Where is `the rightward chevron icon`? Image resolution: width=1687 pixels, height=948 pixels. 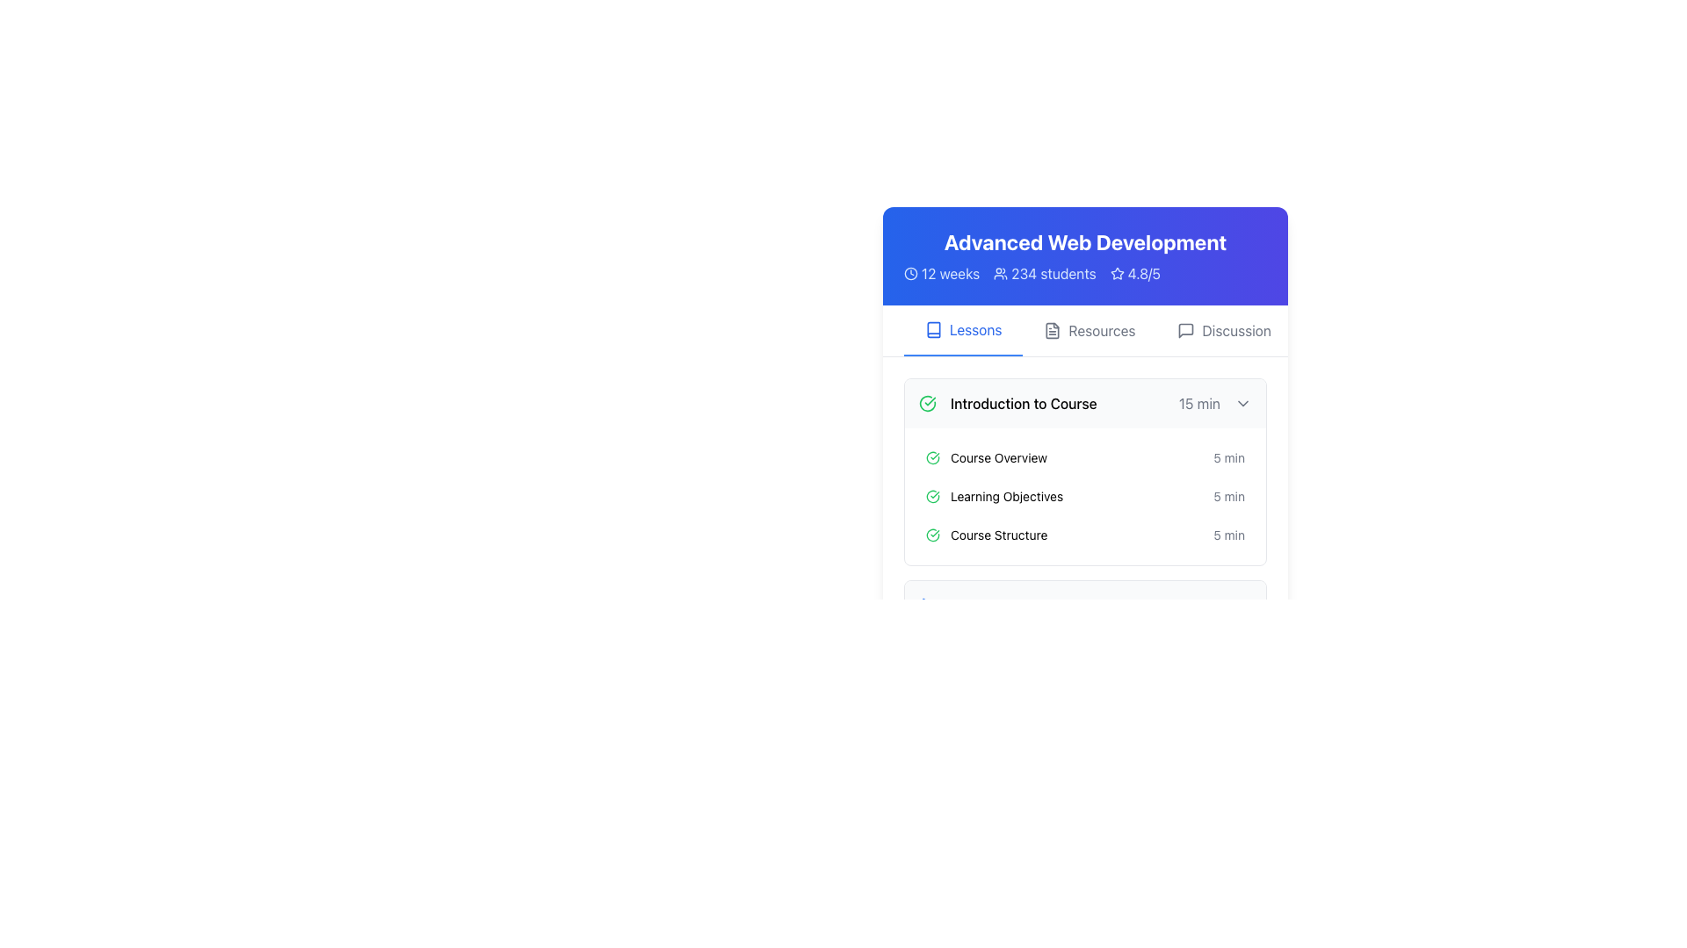
the rightward chevron icon is located at coordinates (1242, 605).